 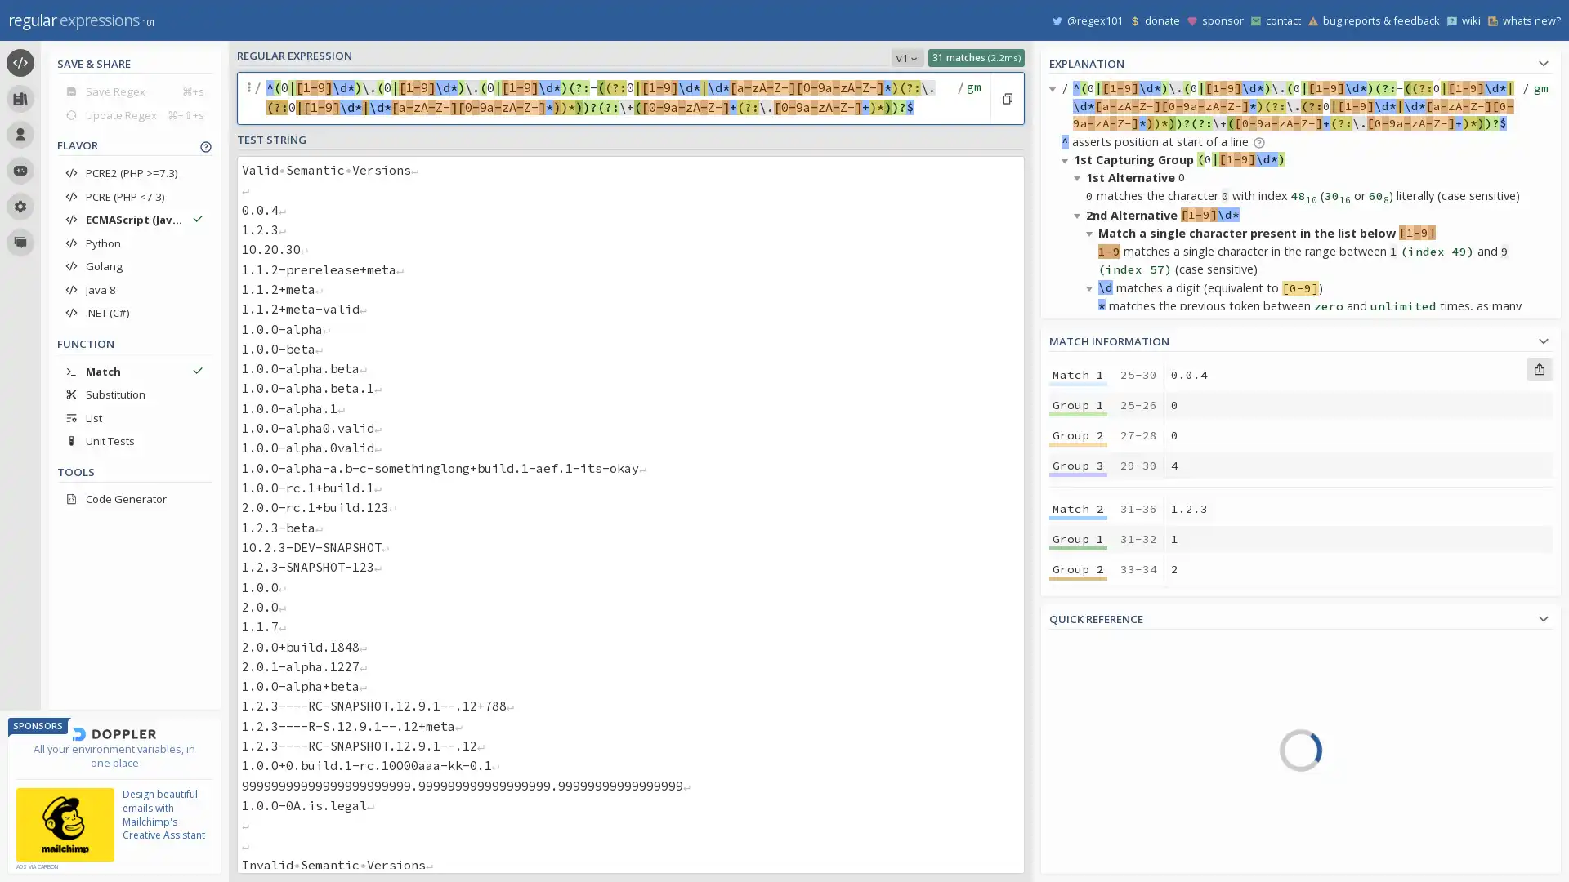 What do you see at coordinates (1078, 538) in the screenshot?
I see `Group 1` at bounding box center [1078, 538].